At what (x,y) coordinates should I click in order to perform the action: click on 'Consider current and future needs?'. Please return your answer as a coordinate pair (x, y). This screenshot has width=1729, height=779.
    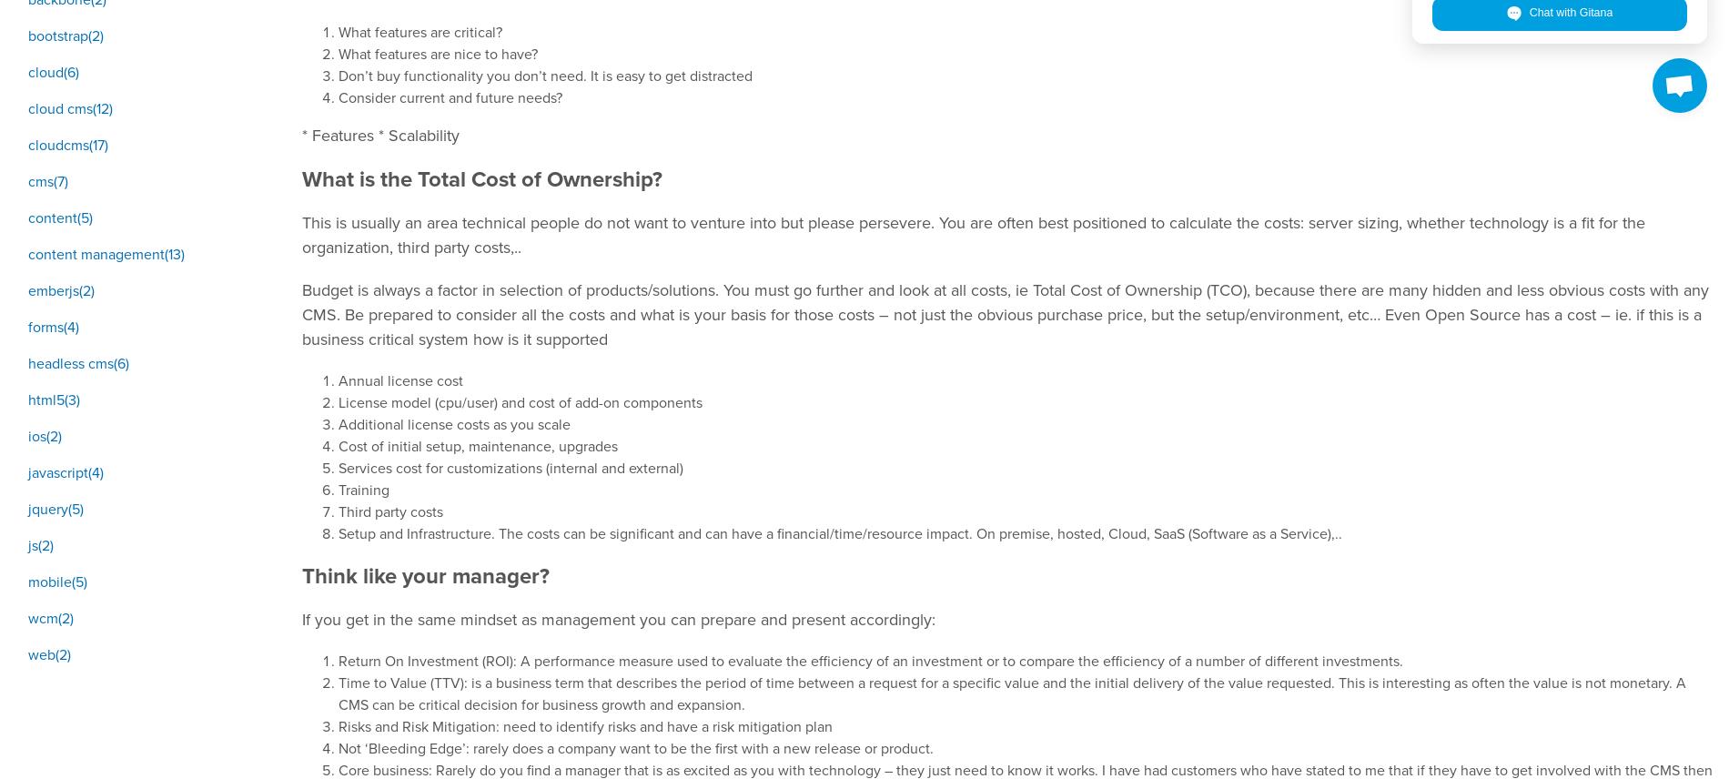
    Looking at the image, I should click on (450, 97).